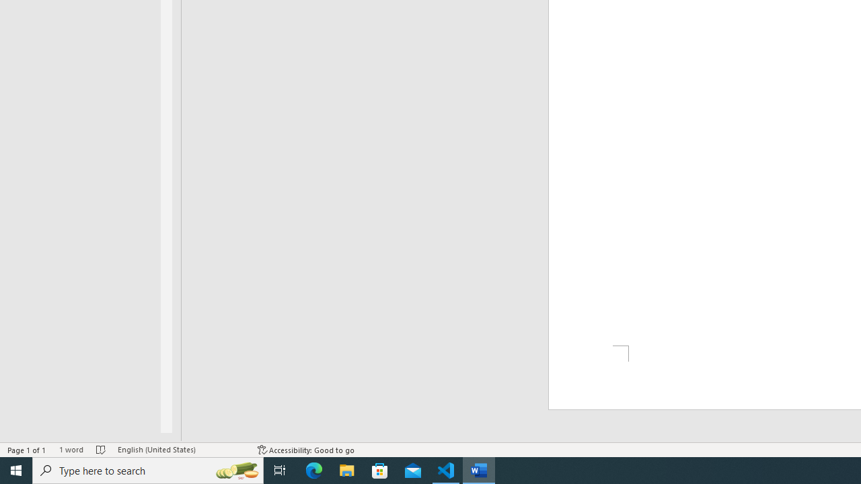 The width and height of the screenshot is (861, 484). I want to click on 'Page Number Page 1 of 1', so click(27, 450).